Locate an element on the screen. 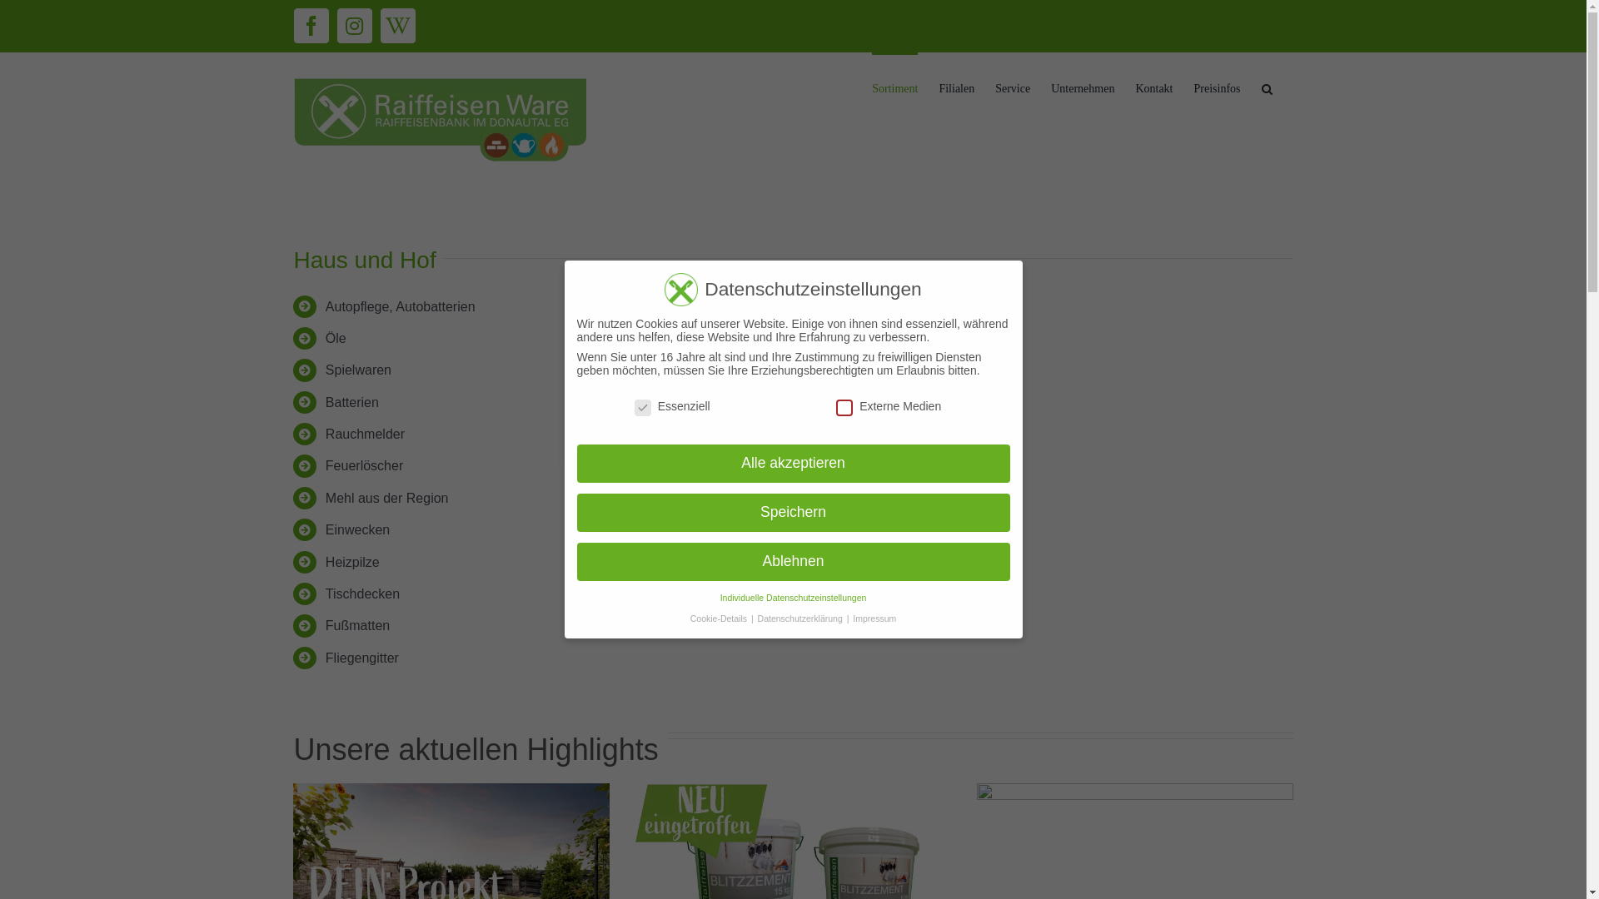 The width and height of the screenshot is (1599, 899). 'Sortiment' is located at coordinates (894, 87).